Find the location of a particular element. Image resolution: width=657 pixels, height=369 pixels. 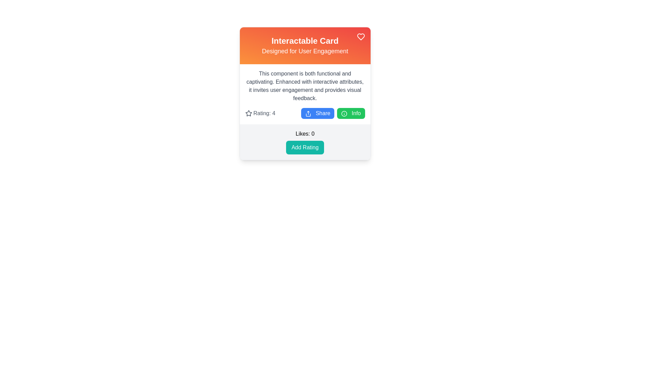

the star-shaped SVG icon used for rating or favorite selection, located to the left of the 'Rating: 4' text is located at coordinates (248, 113).